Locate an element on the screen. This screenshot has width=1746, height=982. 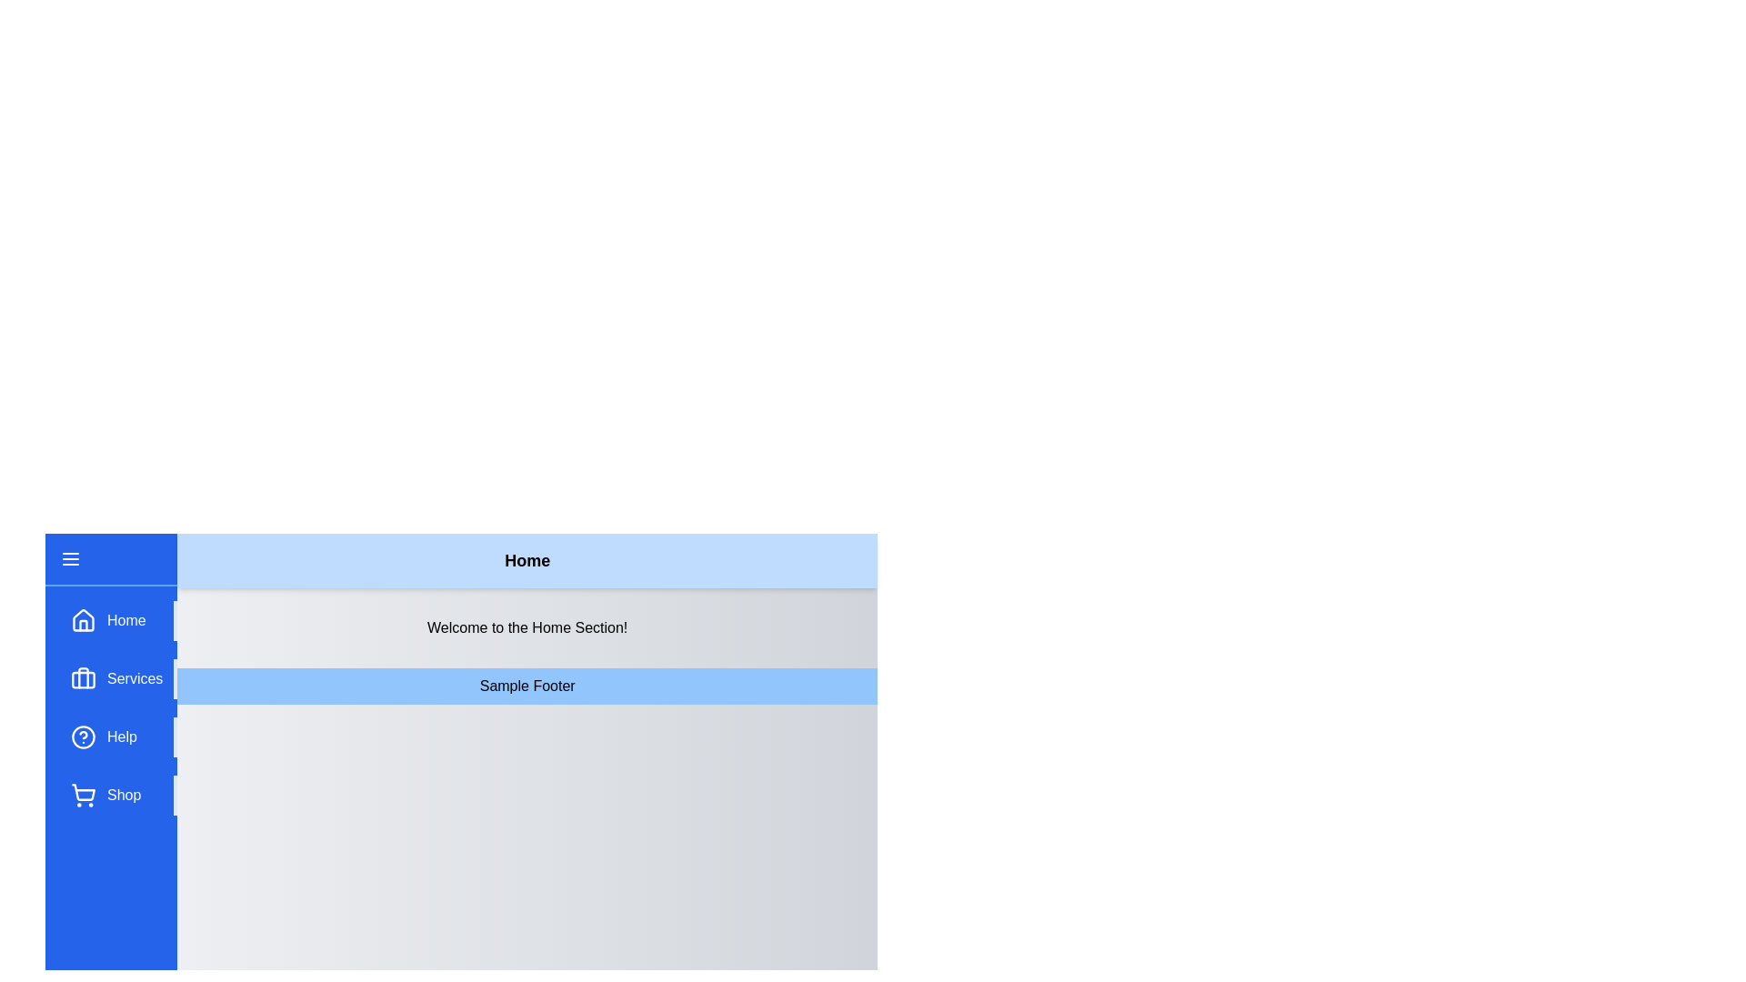
the 'Services' navigation label in the left-side menu, which is positioned below the 'Home' item and to the right of a briefcase icon is located at coordinates (134, 679).